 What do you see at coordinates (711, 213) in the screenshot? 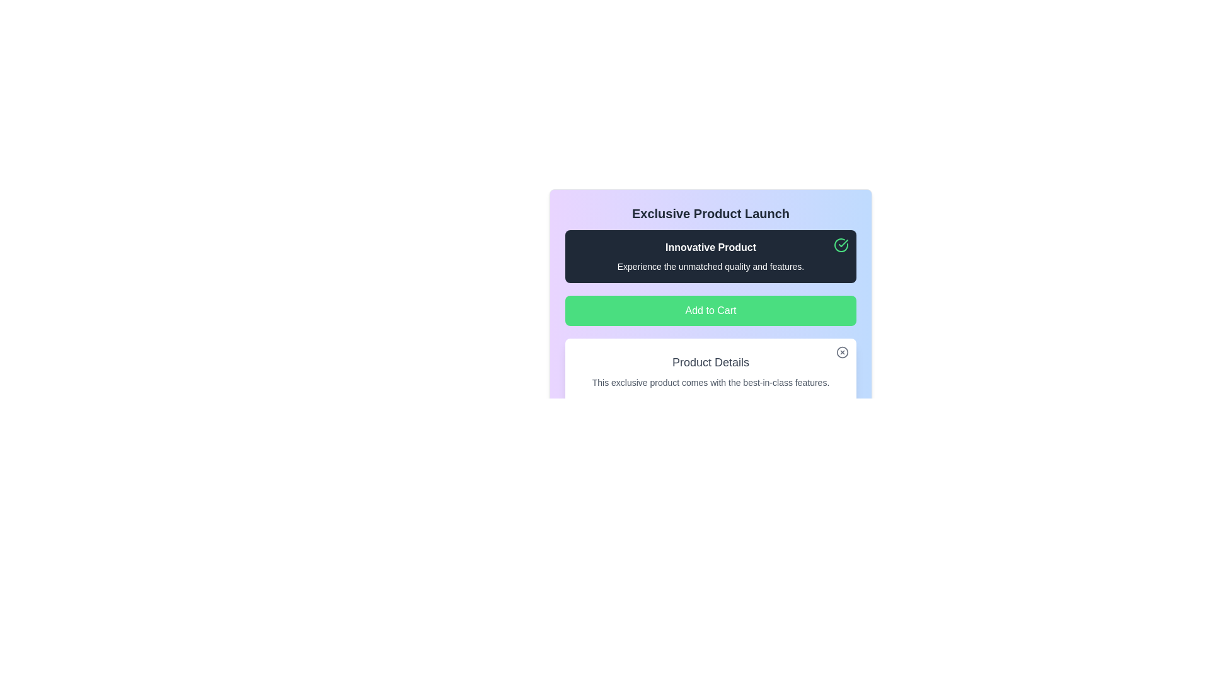
I see `header text element displaying 'Exclusive Product Launch', which is centrally aligned at the top of the card section with a gradient background` at bounding box center [711, 213].